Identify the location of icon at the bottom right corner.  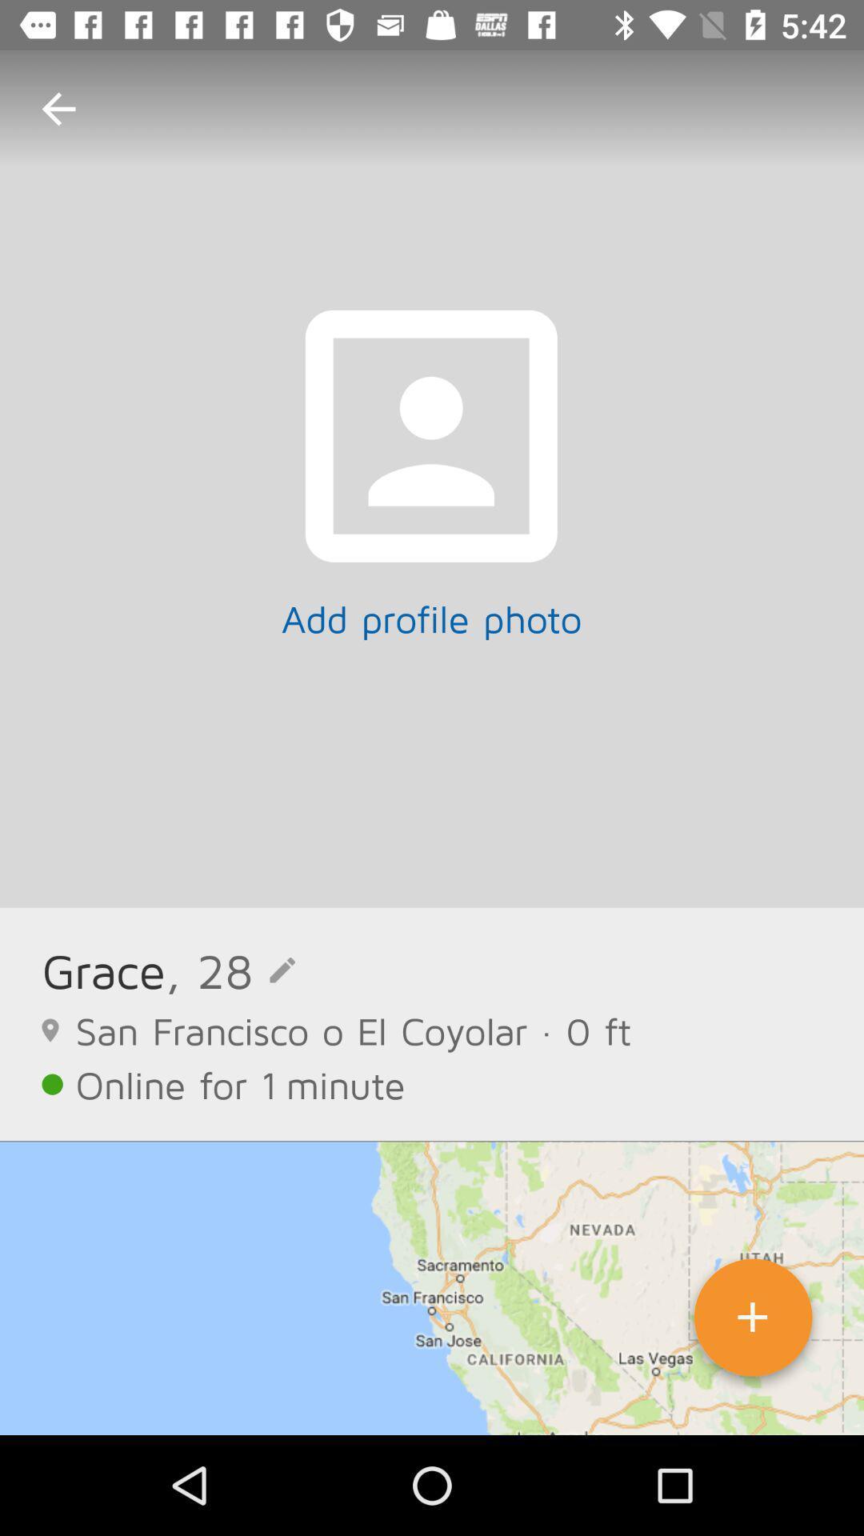
(753, 1323).